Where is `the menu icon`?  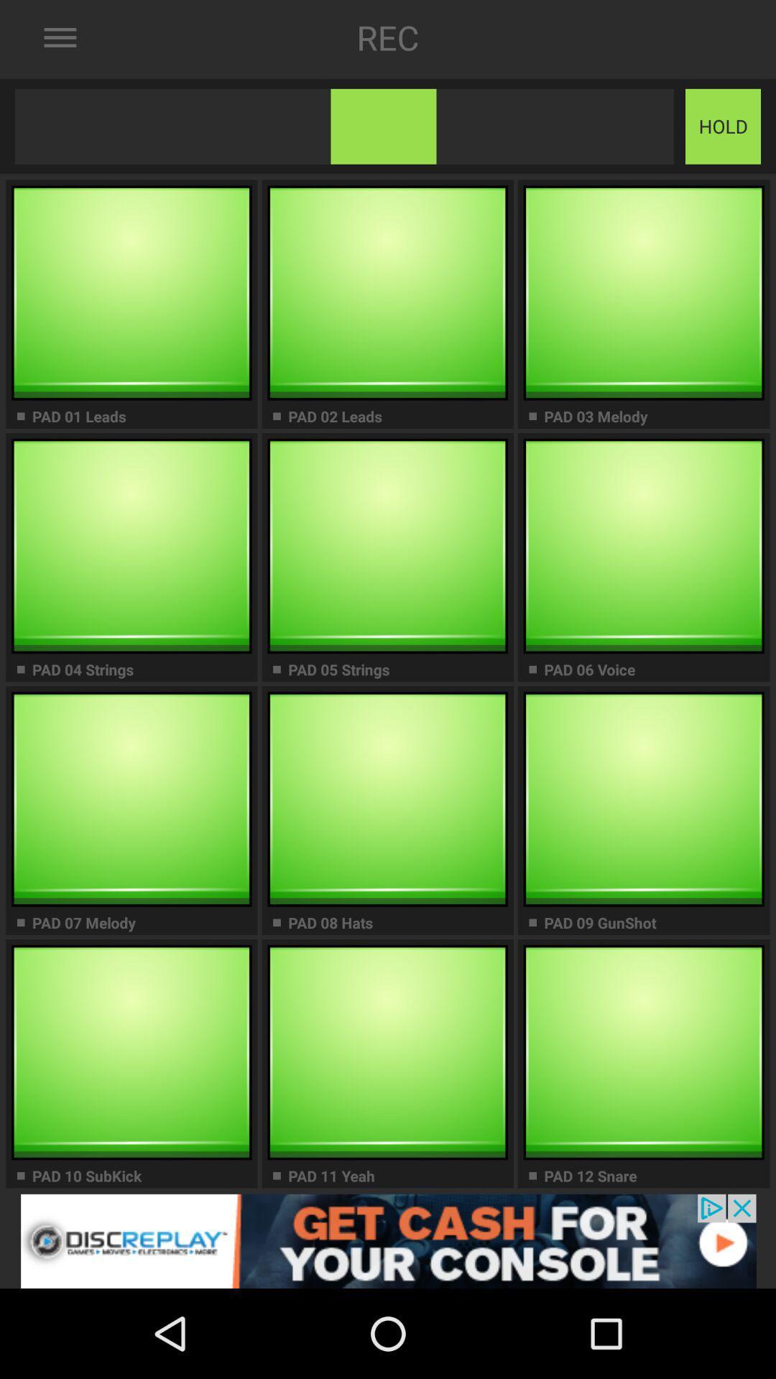 the menu icon is located at coordinates (60, 40).